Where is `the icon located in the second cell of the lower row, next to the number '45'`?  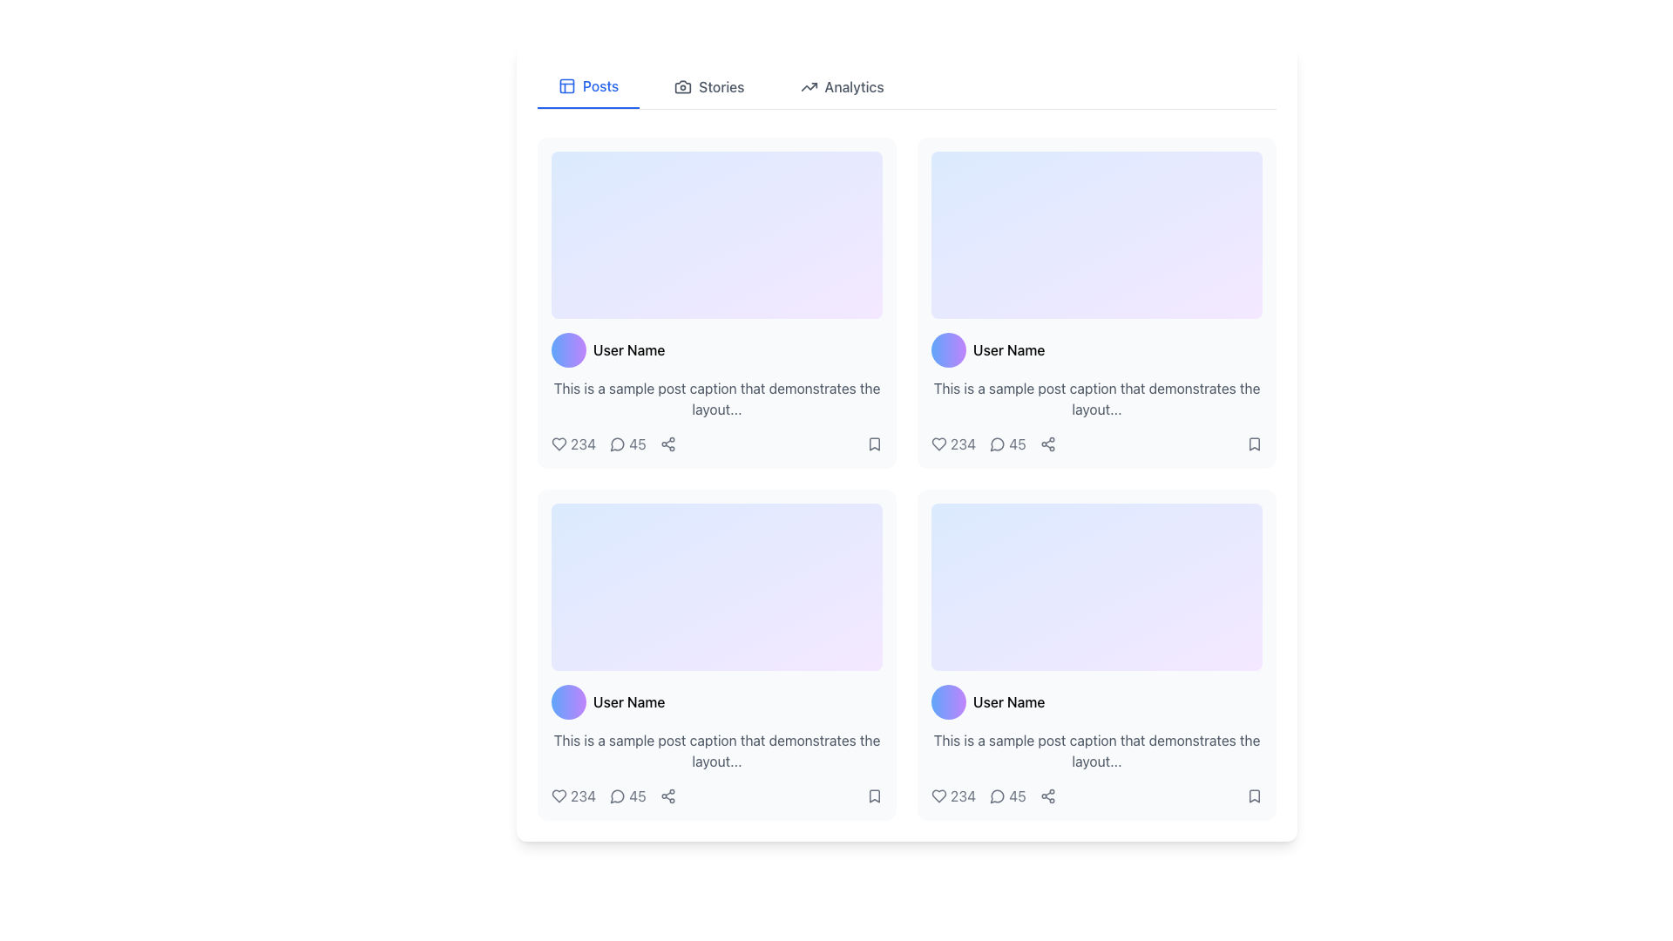 the icon located in the second cell of the lower row, next to the number '45' is located at coordinates (618, 796).